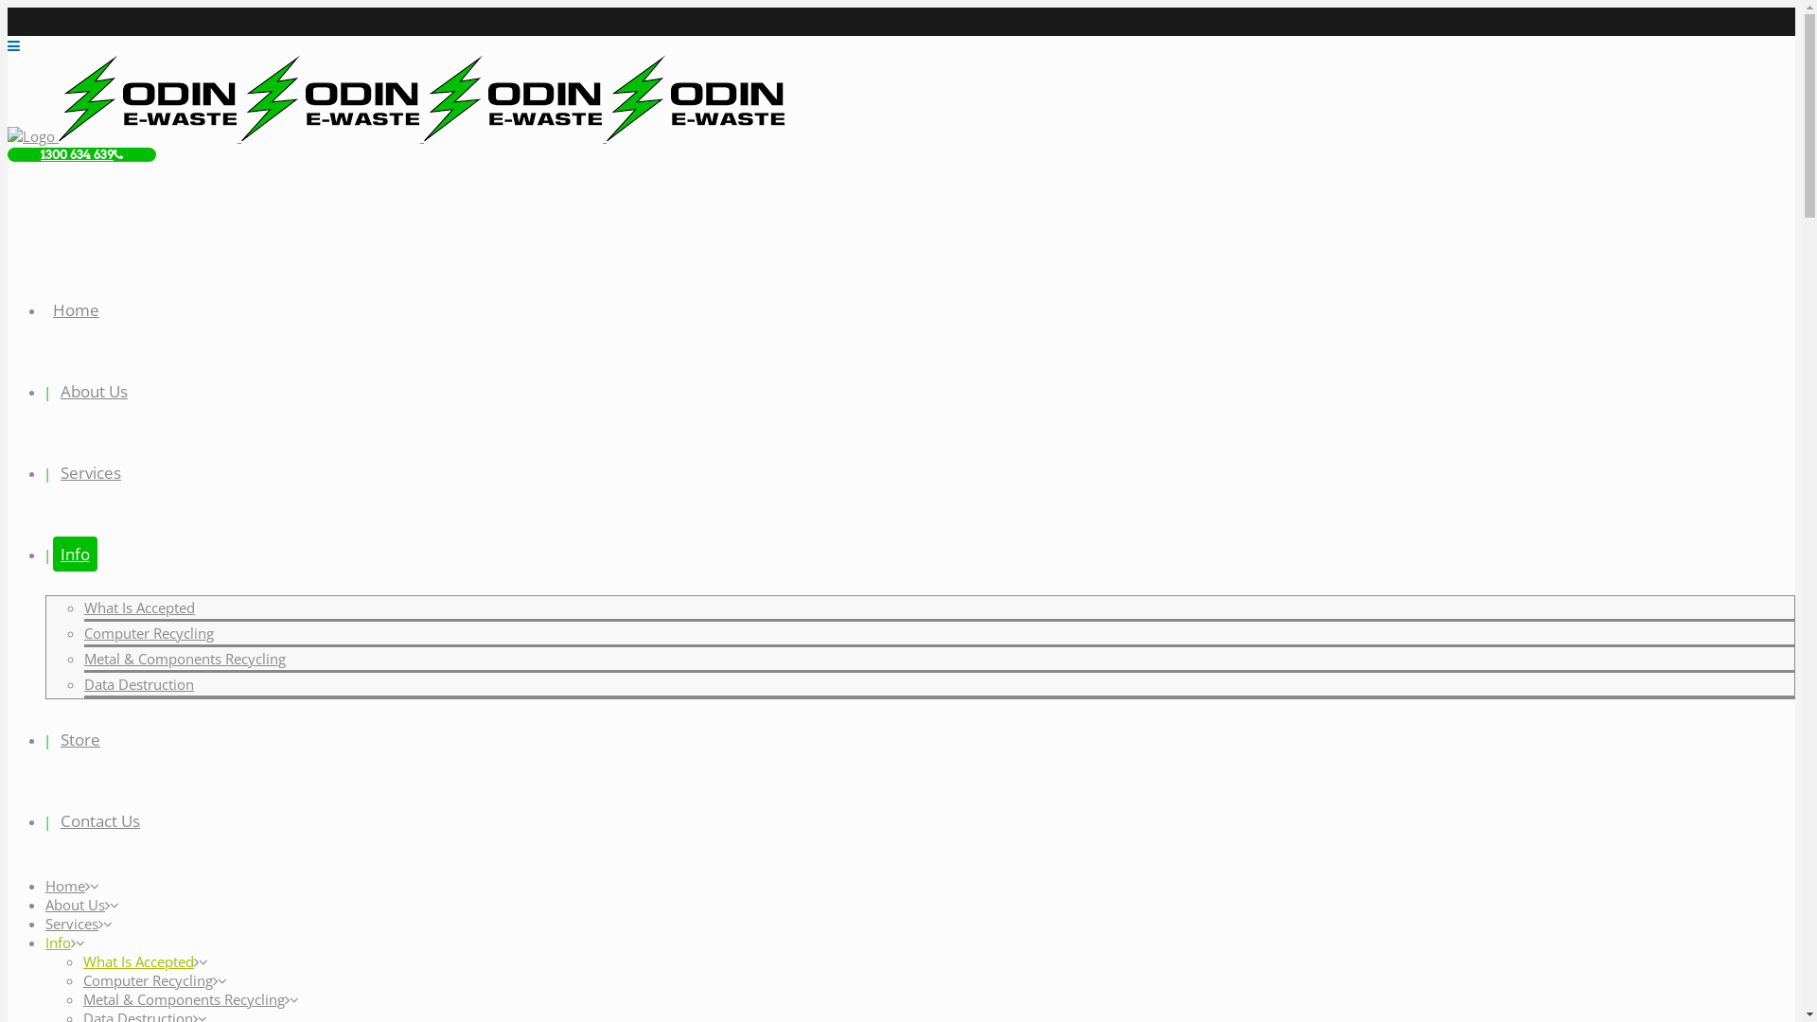  Describe the element at coordinates (98, 819) in the screenshot. I see `'Contact Us'` at that location.